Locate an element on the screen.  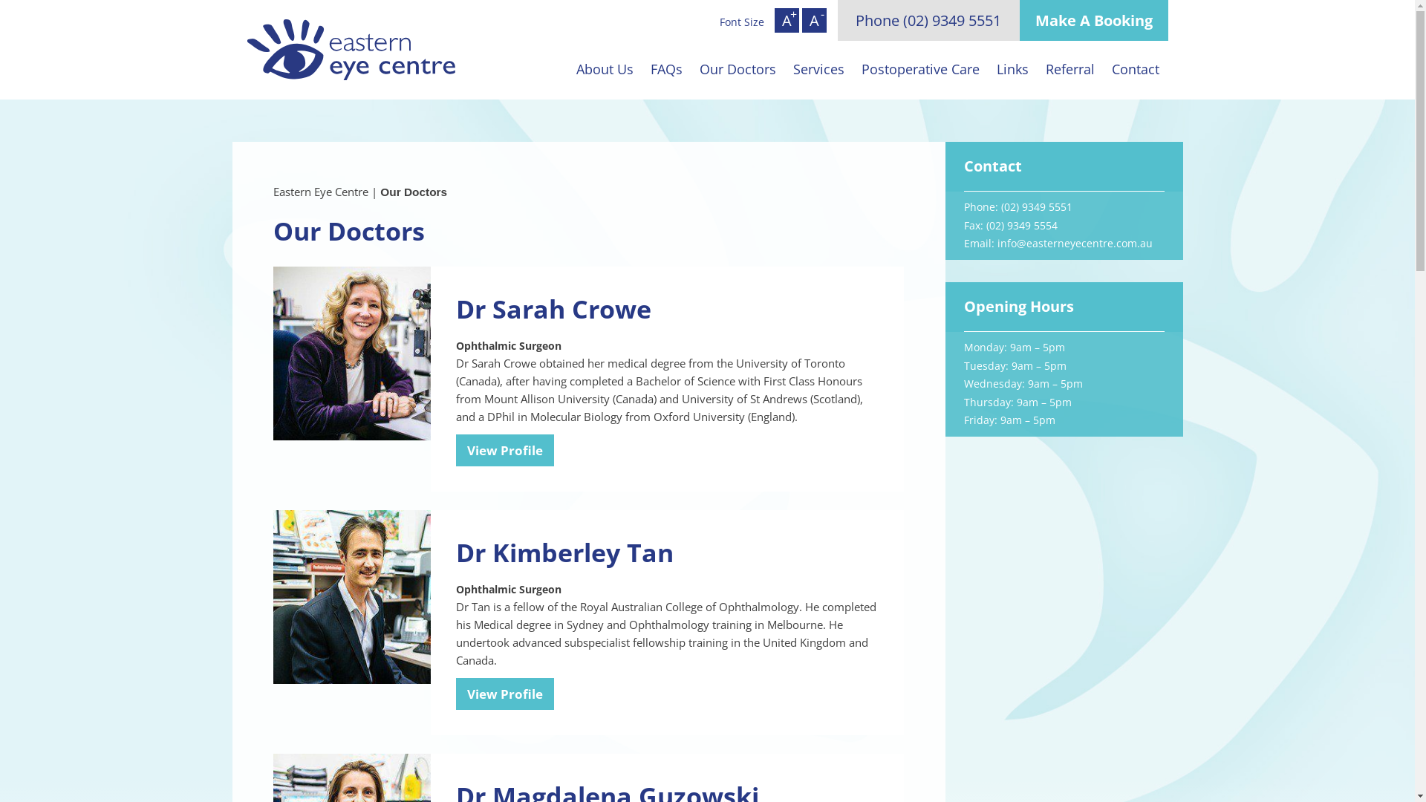
'FAQs' is located at coordinates (642, 68).